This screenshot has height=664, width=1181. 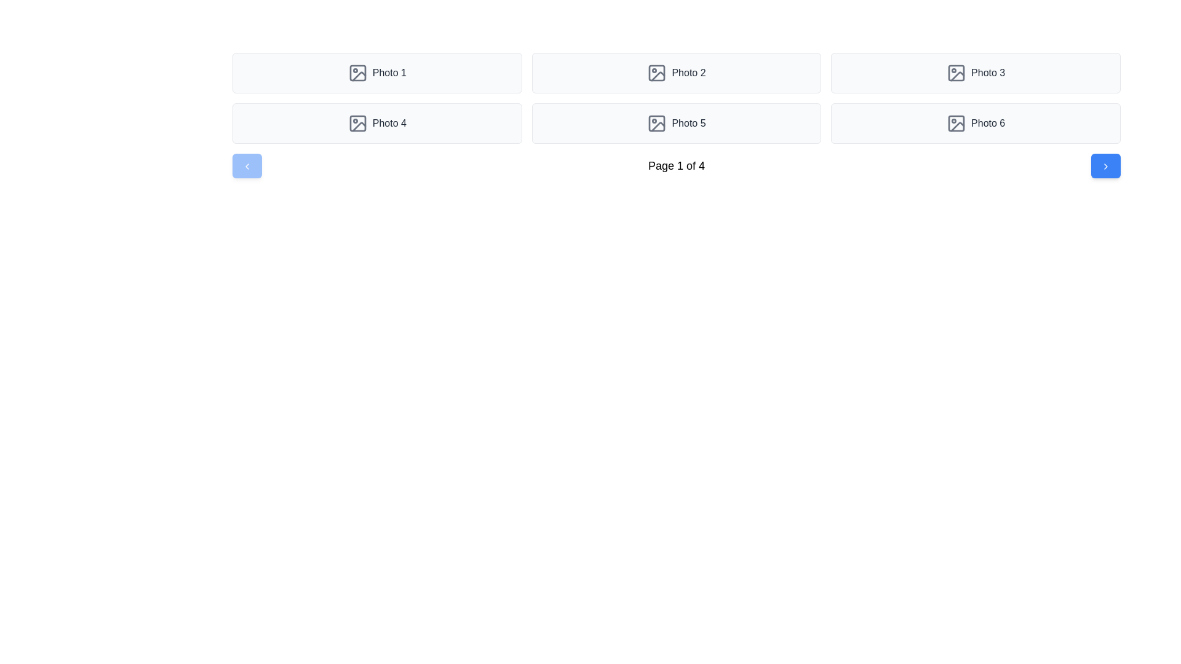 What do you see at coordinates (389, 73) in the screenshot?
I see `the text label that describes the graphical element, located in the top row and leftmost column of the grid, to the right of the graphic icon` at bounding box center [389, 73].